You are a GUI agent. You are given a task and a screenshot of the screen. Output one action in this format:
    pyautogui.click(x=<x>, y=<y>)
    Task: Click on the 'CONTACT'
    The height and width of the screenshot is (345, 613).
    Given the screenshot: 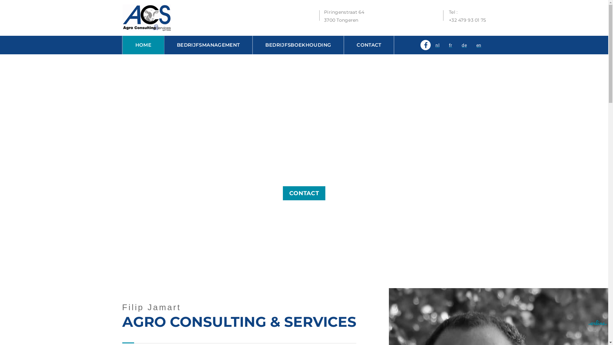 What is the action you would take?
    pyautogui.click(x=304, y=193)
    